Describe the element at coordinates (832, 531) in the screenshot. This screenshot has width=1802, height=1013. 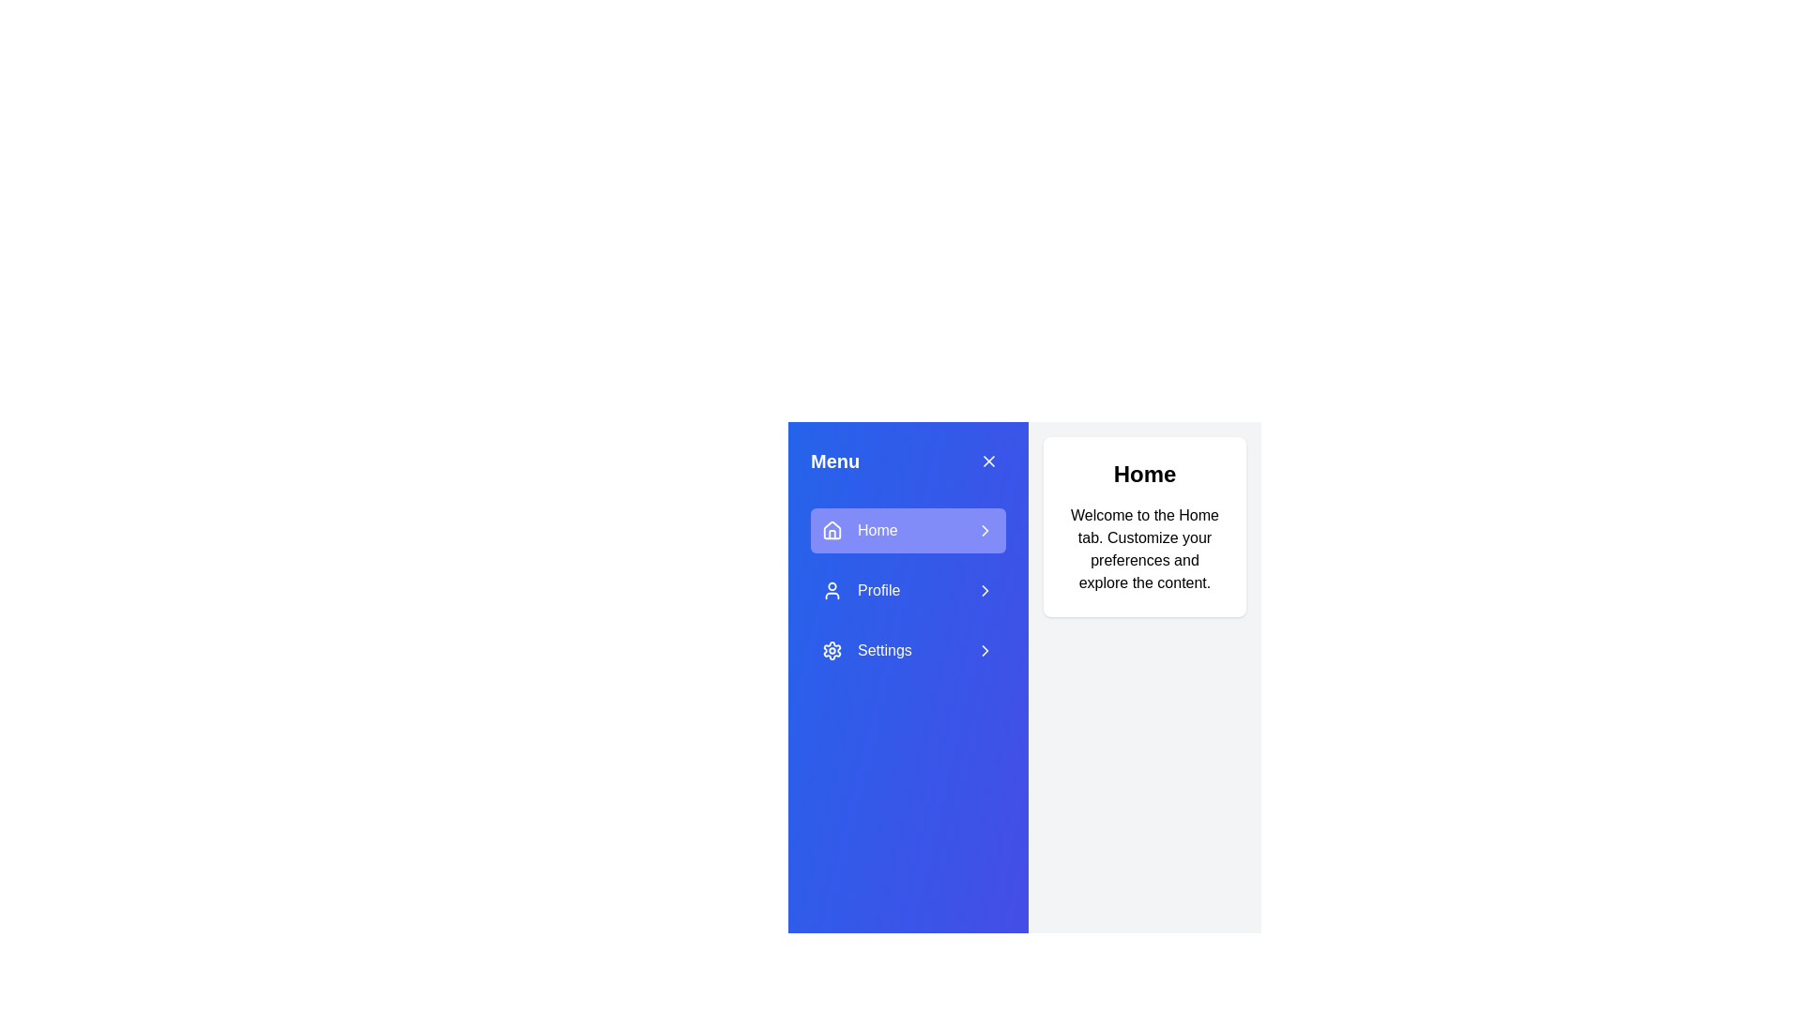
I see `the house icon SVG graphic located in the left sidebar navigation menu next to the 'Home' label` at that location.